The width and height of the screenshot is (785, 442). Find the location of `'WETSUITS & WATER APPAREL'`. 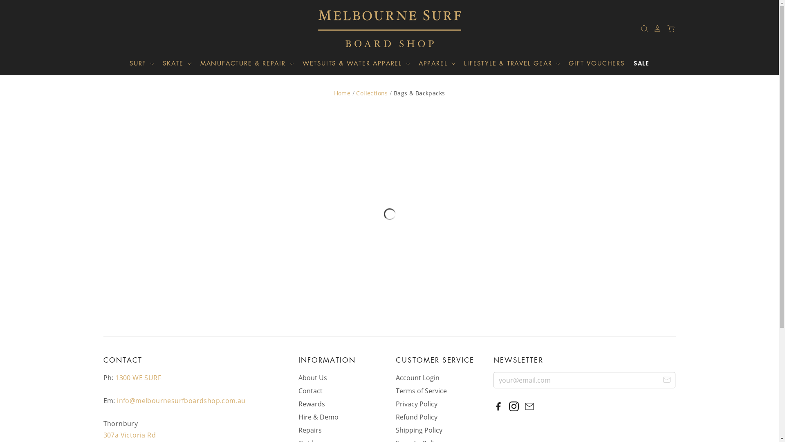

'WETSUITS & WATER APPAREL' is located at coordinates (353, 63).